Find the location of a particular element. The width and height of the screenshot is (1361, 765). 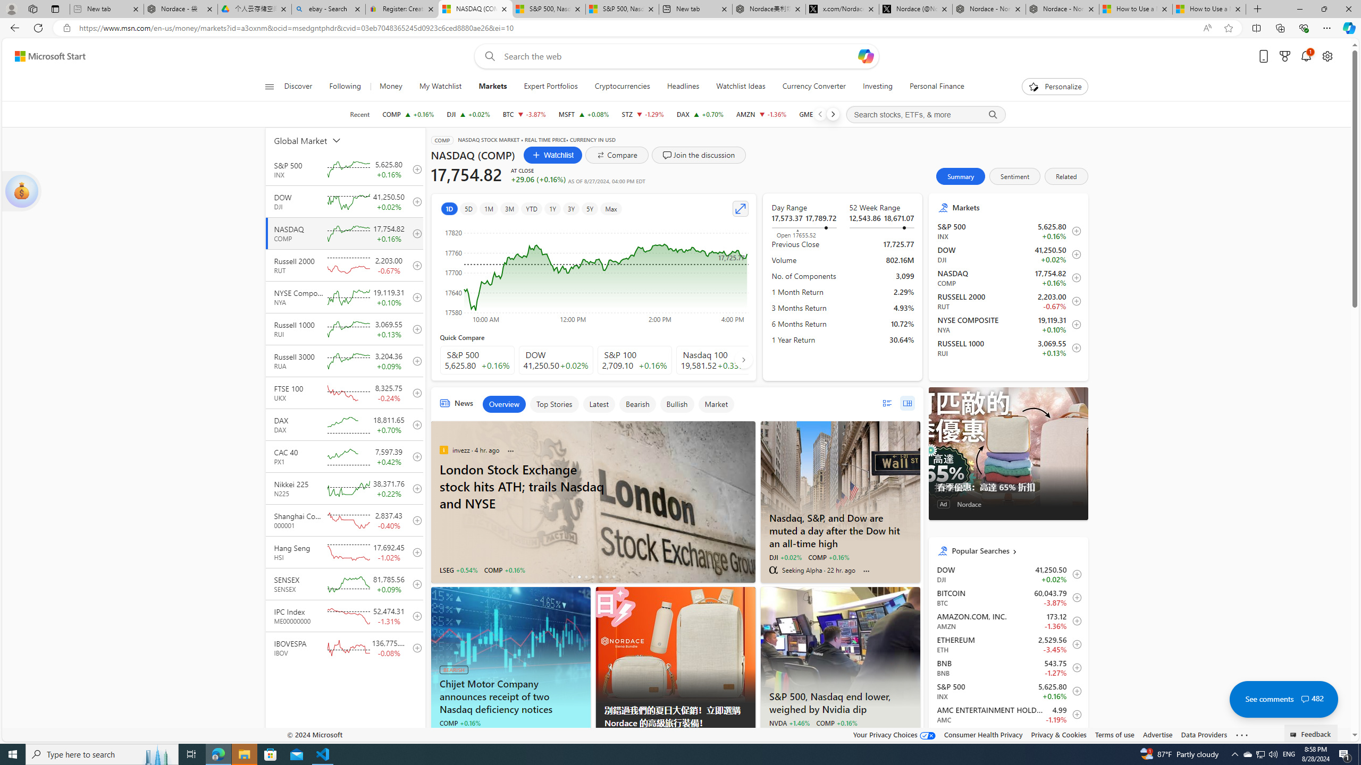

'DAX DAX increase 18,811.65 +129.84 +0.70%' is located at coordinates (699, 114).